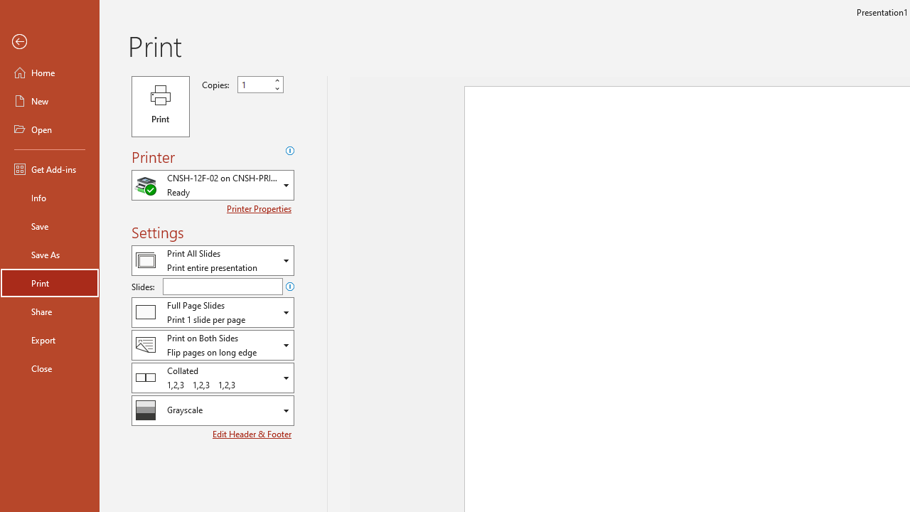 This screenshot has height=512, width=910. What do you see at coordinates (212, 260) in the screenshot?
I see `'Print What'` at bounding box center [212, 260].